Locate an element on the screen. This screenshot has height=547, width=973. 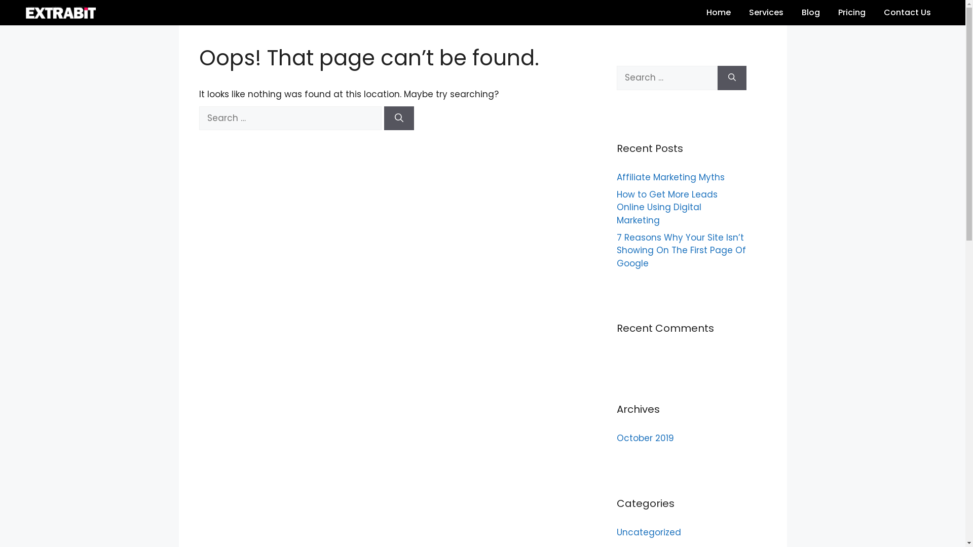
'October 2019' is located at coordinates (644, 437).